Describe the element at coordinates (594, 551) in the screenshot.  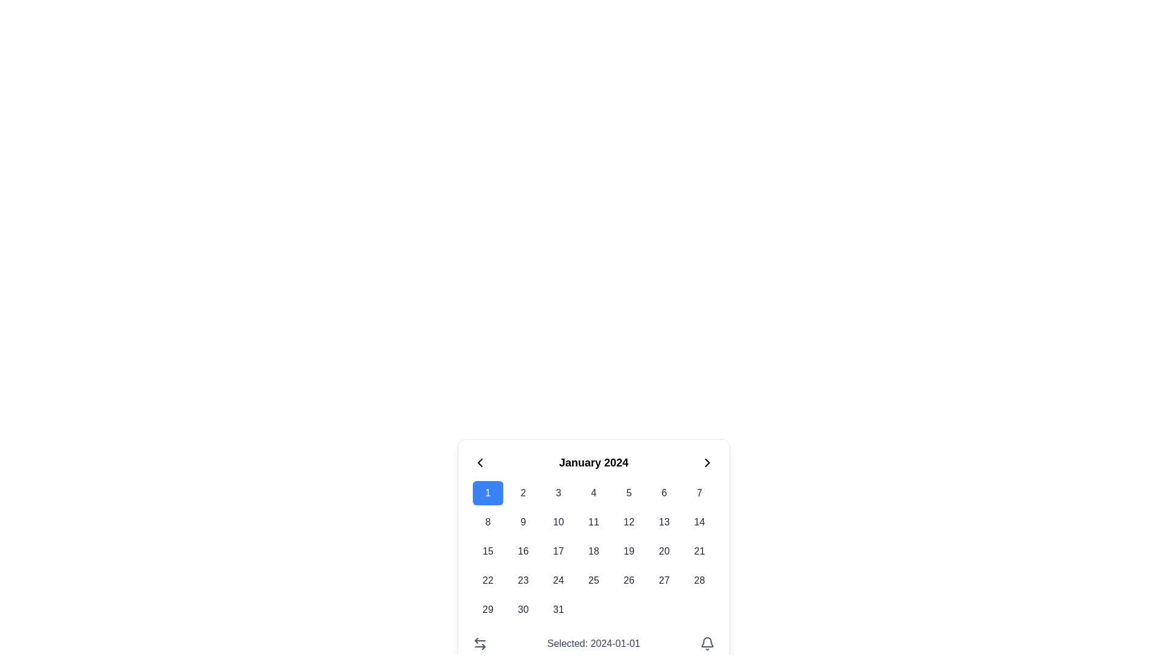
I see `the calendar date cell labeled '18' in the January 2024 calendar` at that location.